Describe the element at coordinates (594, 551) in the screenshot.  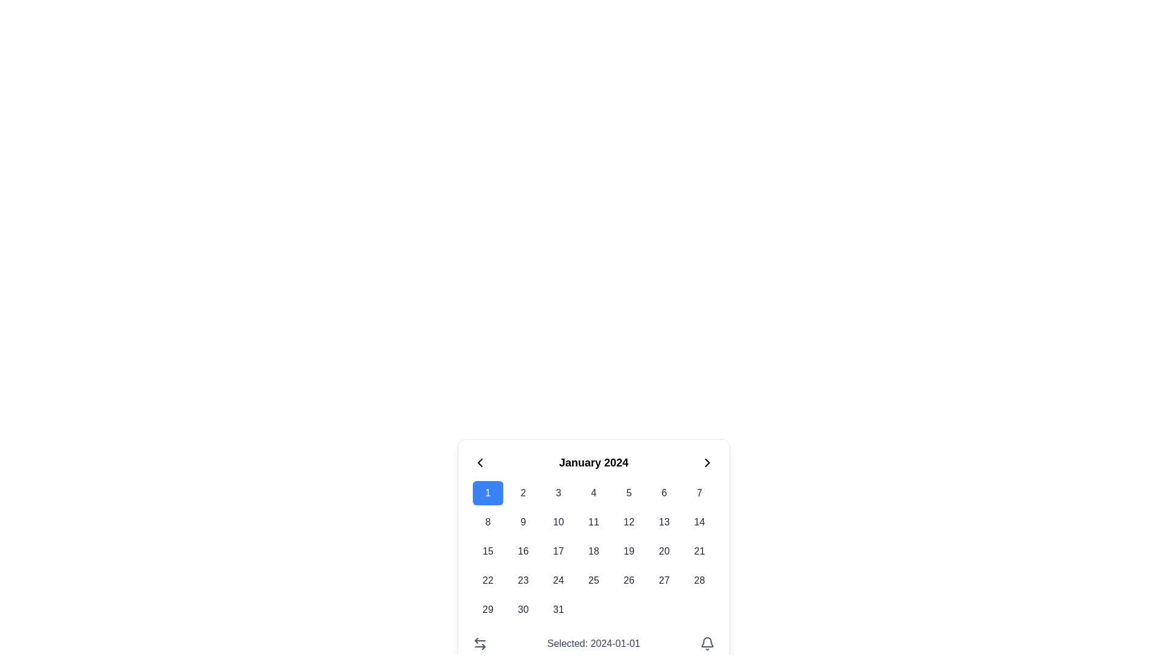
I see `the calendar date cell labeled '18' in the January 2024 calendar` at that location.